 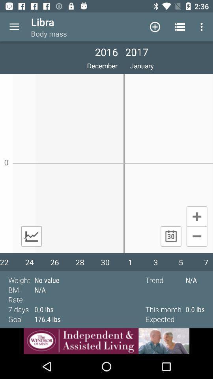 I want to click on graph mode button, so click(x=31, y=236).